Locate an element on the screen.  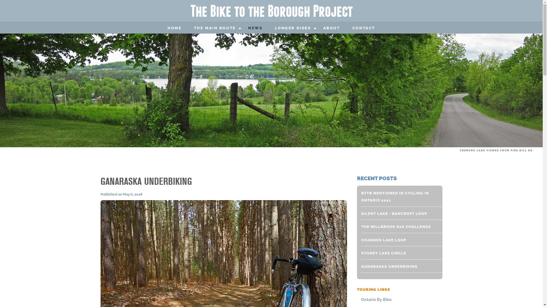
'THE MAIN ROUTE' is located at coordinates (190, 28).